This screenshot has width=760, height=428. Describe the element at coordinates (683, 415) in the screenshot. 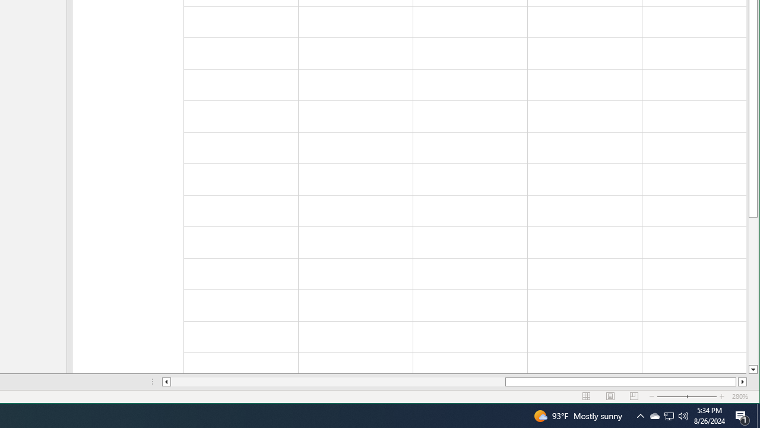

I see `'Q2790: 100%'` at that location.